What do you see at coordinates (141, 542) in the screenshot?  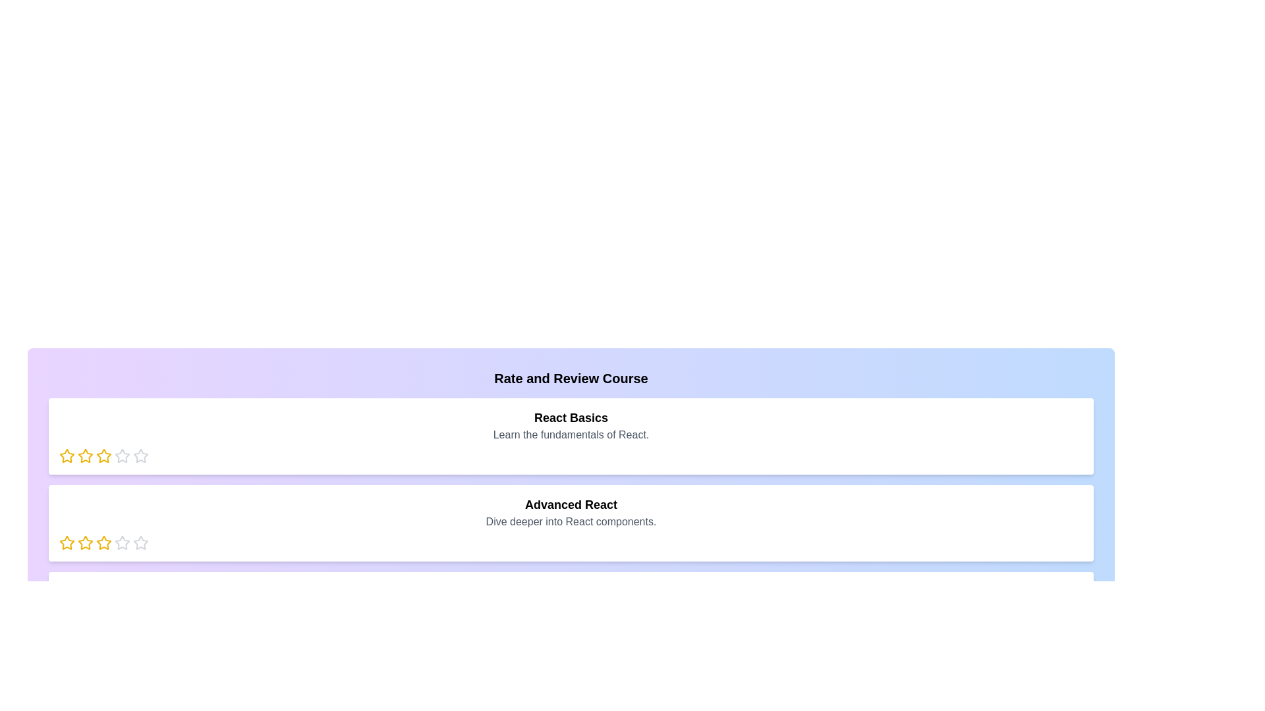 I see `the fourth star in the rating system located in the second row` at bounding box center [141, 542].